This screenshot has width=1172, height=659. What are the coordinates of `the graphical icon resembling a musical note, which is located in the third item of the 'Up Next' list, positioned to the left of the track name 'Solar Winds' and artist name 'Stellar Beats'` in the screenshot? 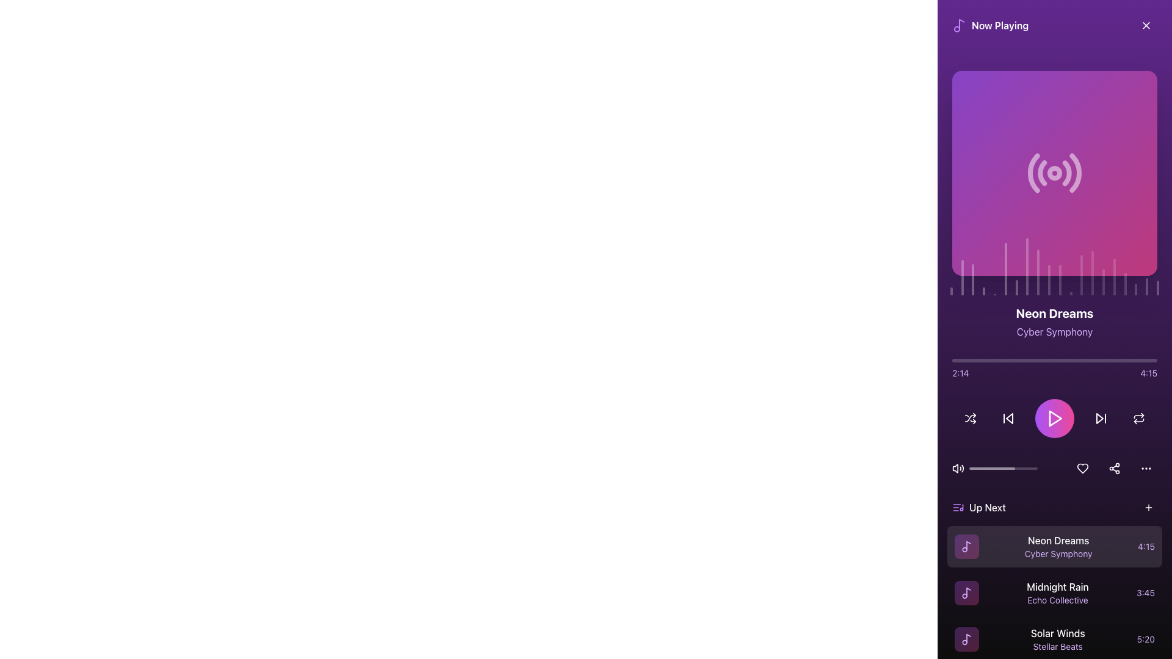 It's located at (966, 639).